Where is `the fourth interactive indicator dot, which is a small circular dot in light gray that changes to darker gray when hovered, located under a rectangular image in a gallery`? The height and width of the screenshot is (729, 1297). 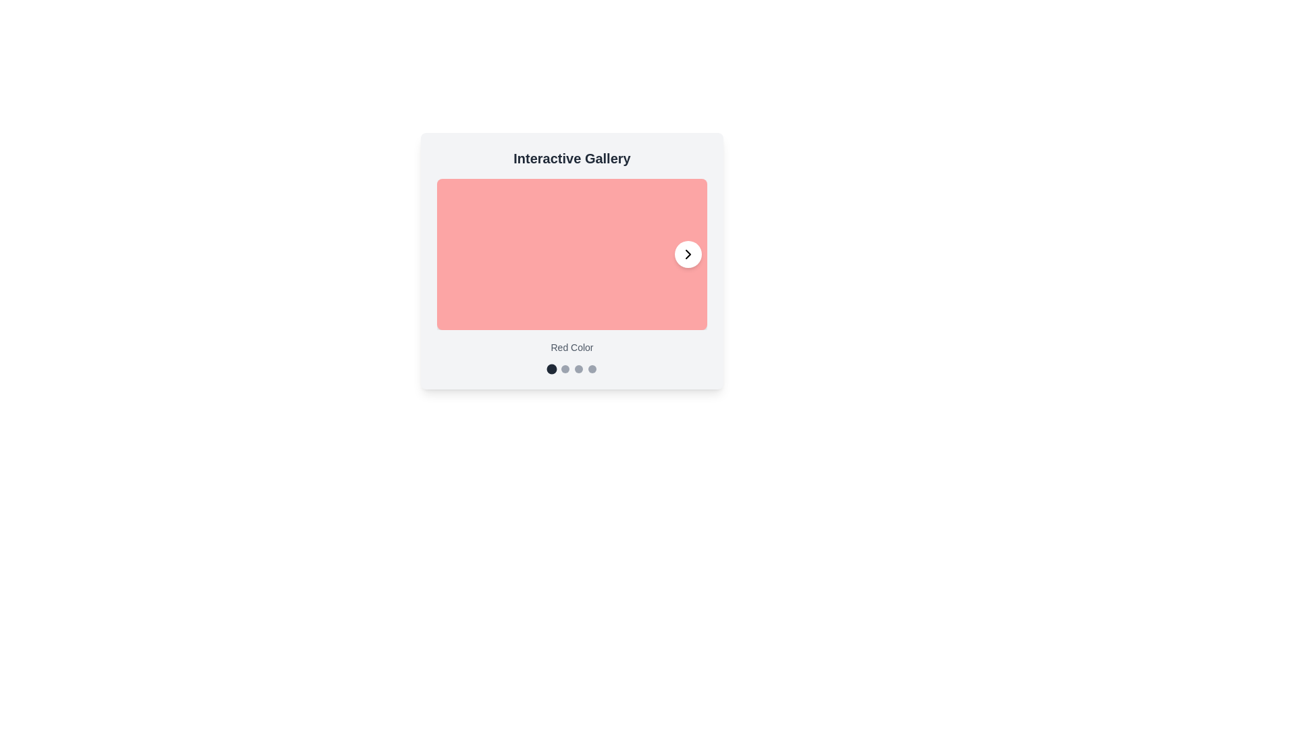
the fourth interactive indicator dot, which is a small circular dot in light gray that changes to darker gray when hovered, located under a rectangular image in a gallery is located at coordinates (592, 369).